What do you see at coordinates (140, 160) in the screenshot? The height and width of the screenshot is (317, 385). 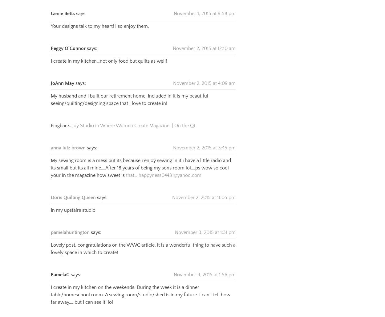 I see `'My sewing room is a mess but its because i enjoy sewing in it i have a little radio and its small but its all mine….After 18 years of being my sons room lol….ps wow so cool your in the magazine how sweet is'` at bounding box center [140, 160].